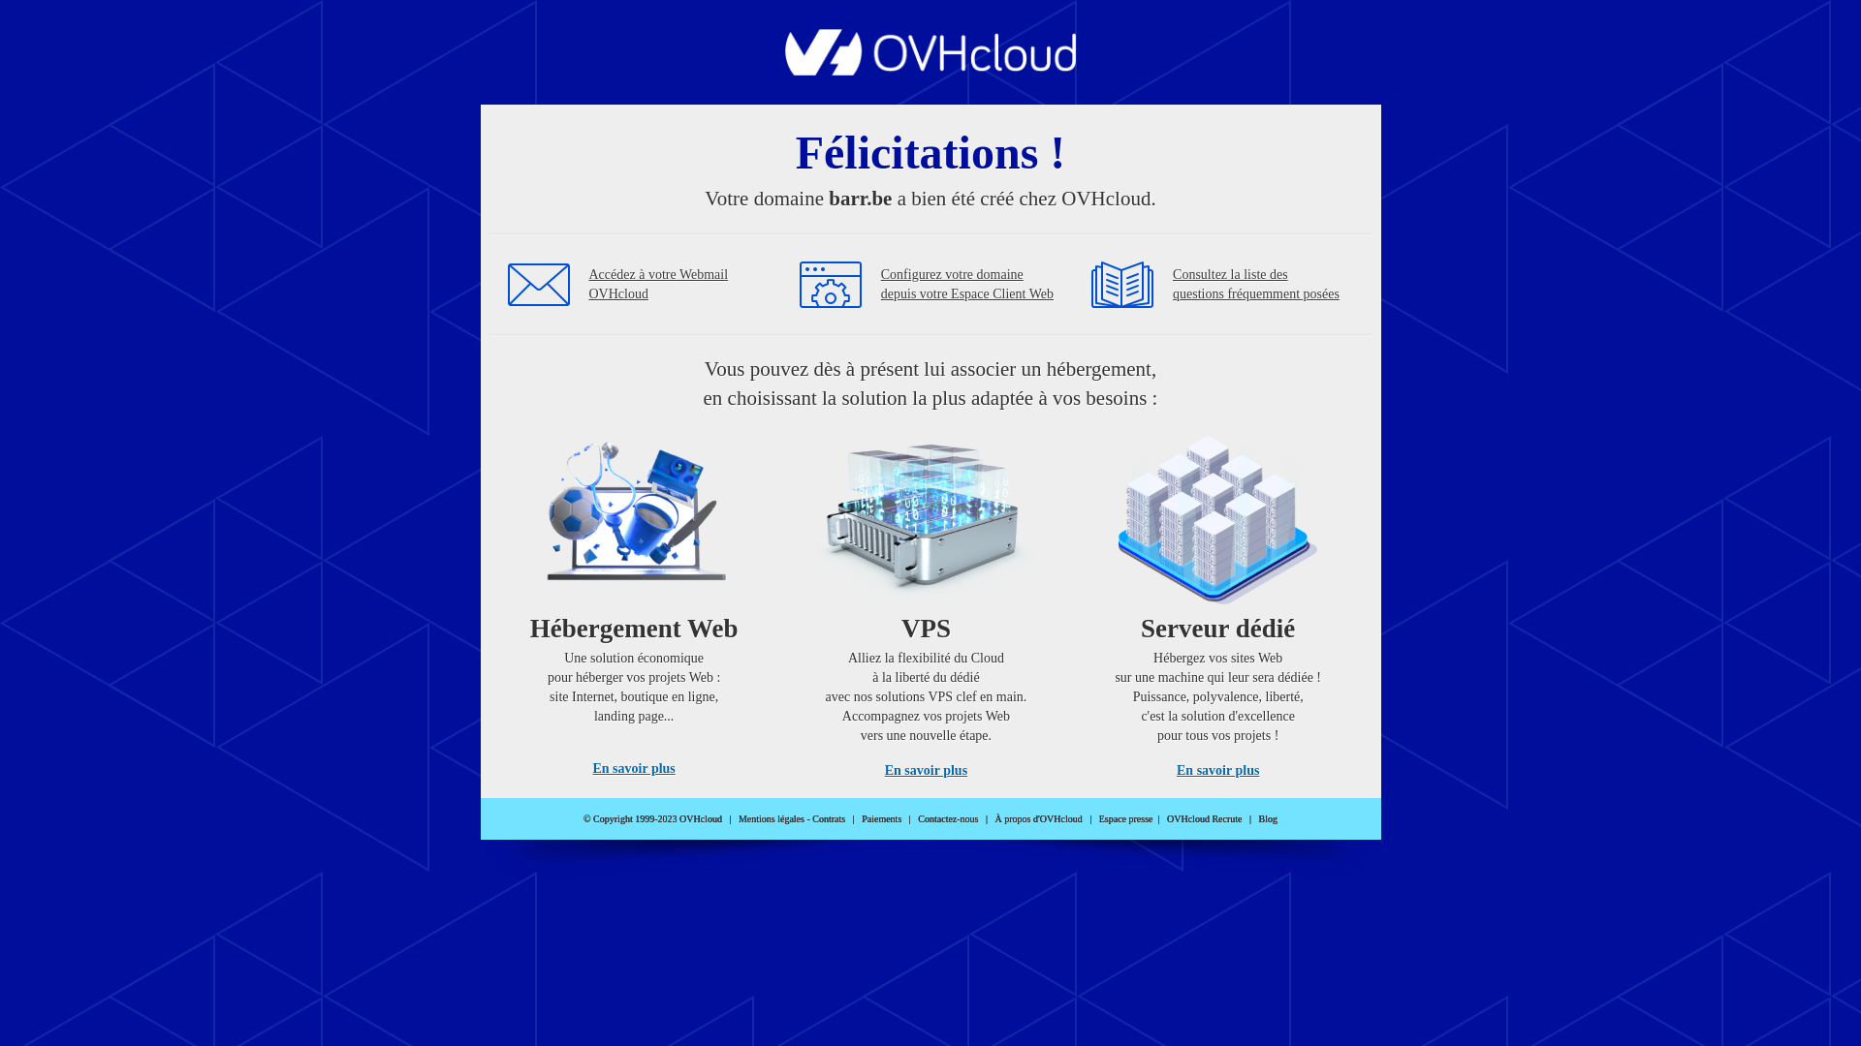 The height and width of the screenshot is (1046, 1861). What do you see at coordinates (633, 767) in the screenshot?
I see `'En savoir plus'` at bounding box center [633, 767].